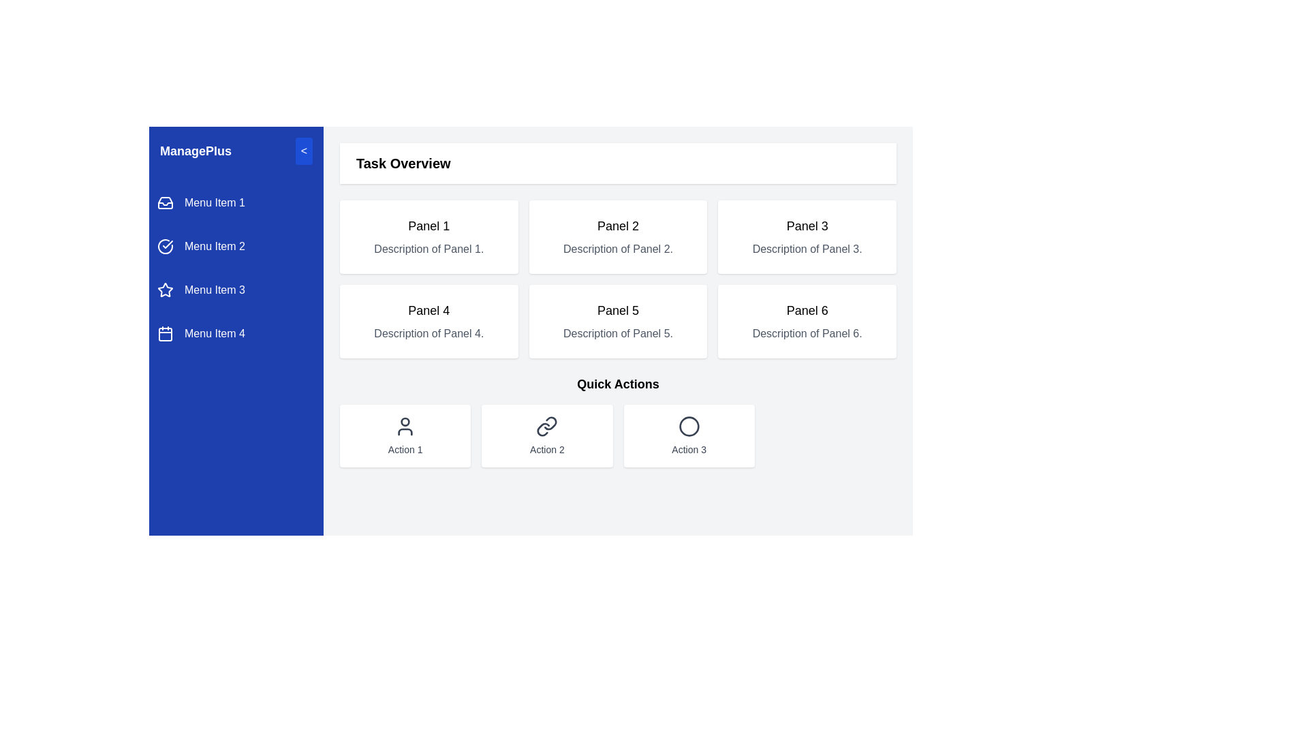 The image size is (1308, 736). I want to click on the static text label displaying 'Description of Panel 4.' located under the heading 'Panel 4' in the third card of the second row, so click(428, 333).